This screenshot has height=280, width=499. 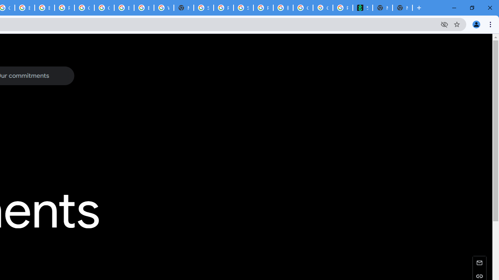 What do you see at coordinates (124, 8) in the screenshot?
I see `'Browse Chrome as a guest - Computer - Google Chrome Help'` at bounding box center [124, 8].